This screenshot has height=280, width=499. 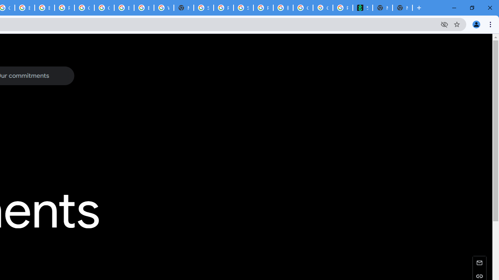 What do you see at coordinates (124, 8) in the screenshot?
I see `'Browse Chrome as a guest - Computer - Google Chrome Help'` at bounding box center [124, 8].